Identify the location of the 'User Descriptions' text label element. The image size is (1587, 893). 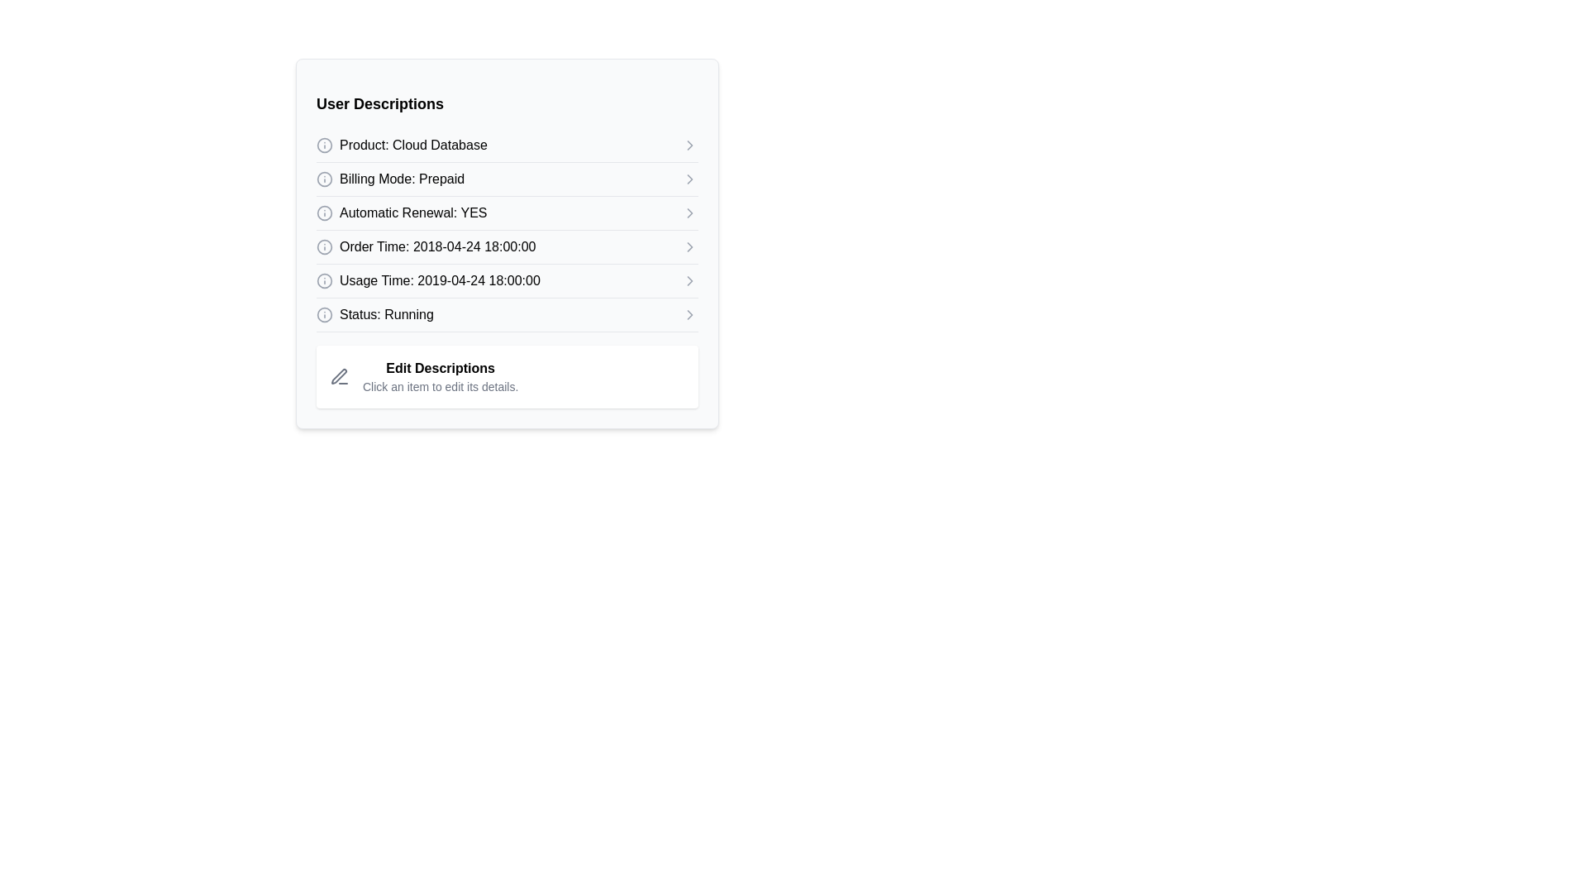
(507, 104).